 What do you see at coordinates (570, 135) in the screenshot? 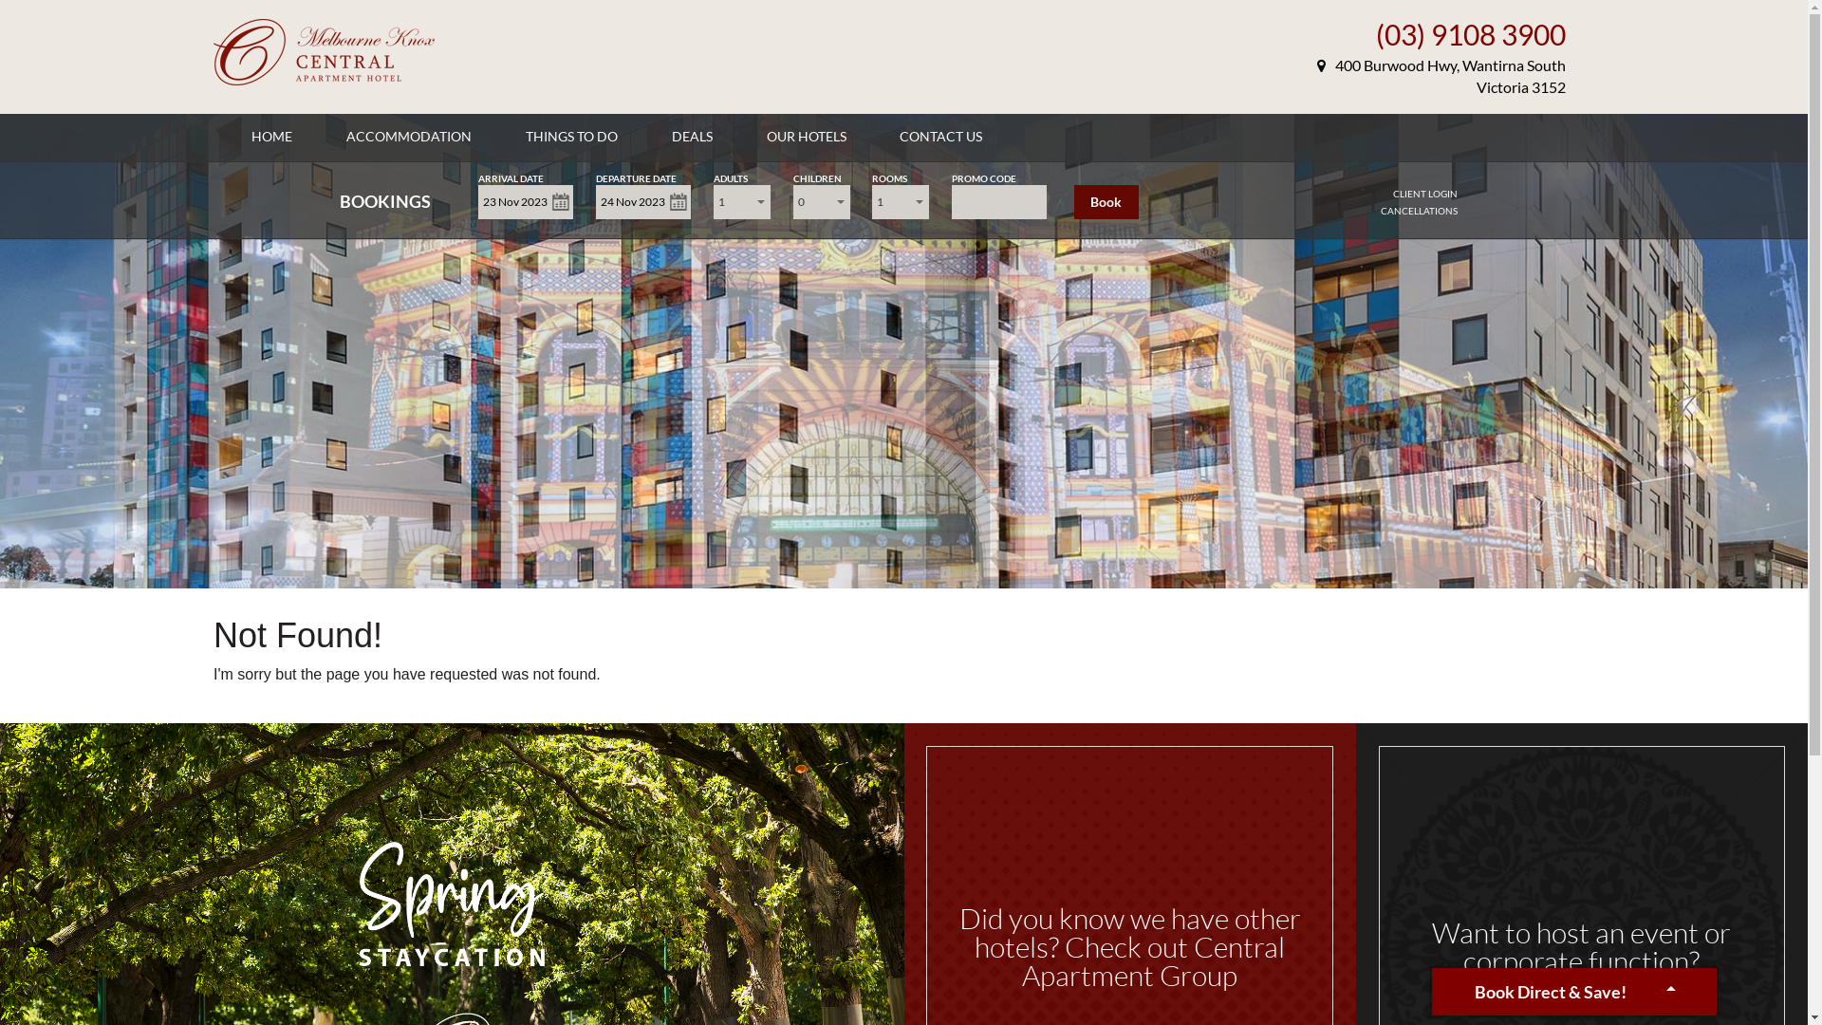
I see `'THINGS TO DO'` at bounding box center [570, 135].